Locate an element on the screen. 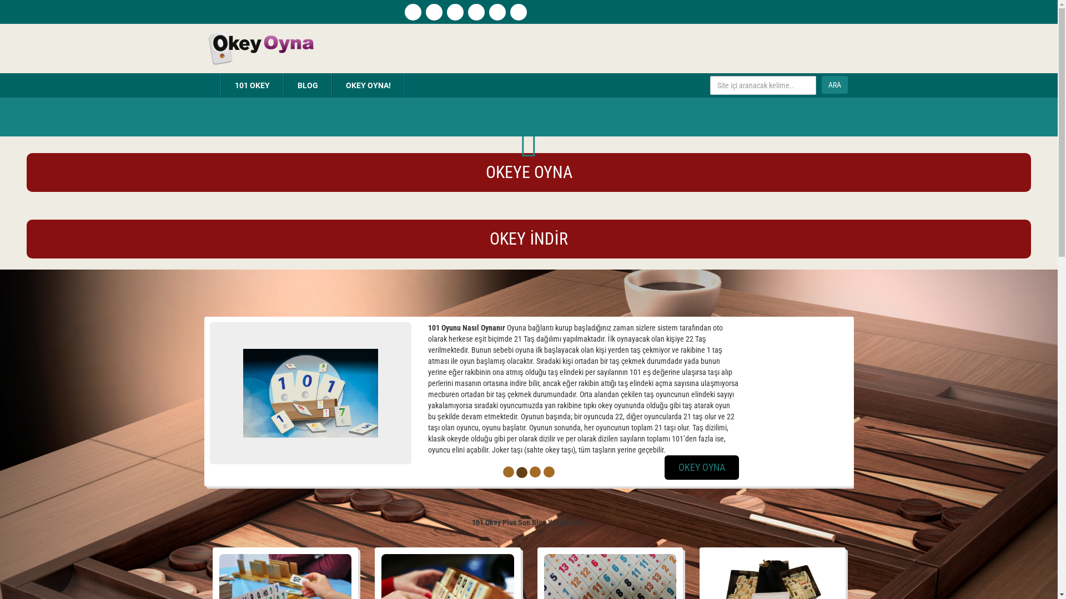  'Twitter'de Biz' is located at coordinates (467, 12).